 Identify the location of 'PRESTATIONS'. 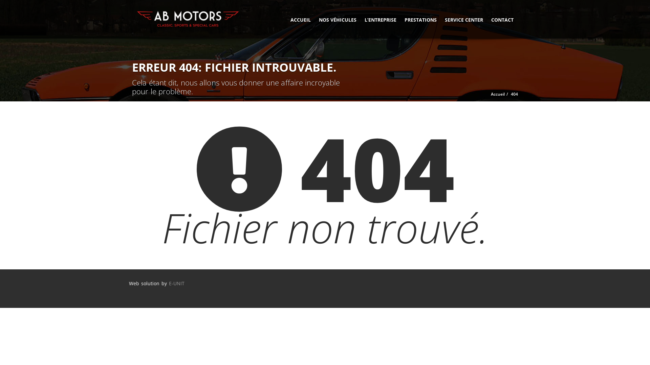
(420, 19).